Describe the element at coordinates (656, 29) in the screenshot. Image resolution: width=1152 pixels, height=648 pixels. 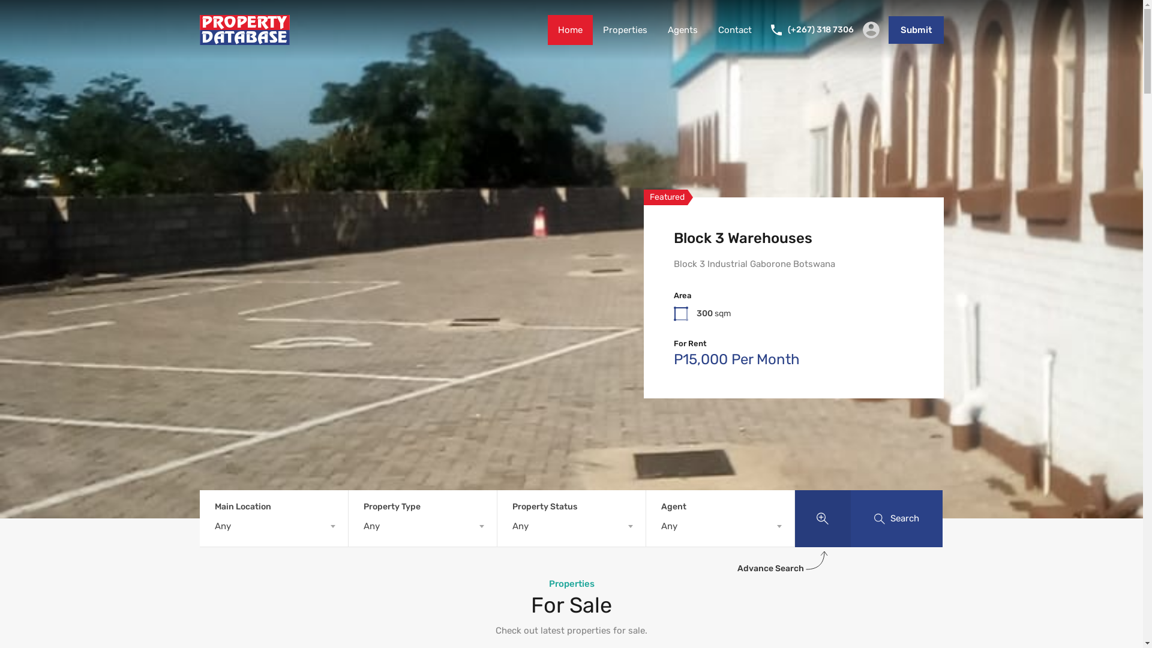
I see `'Agents'` at that location.